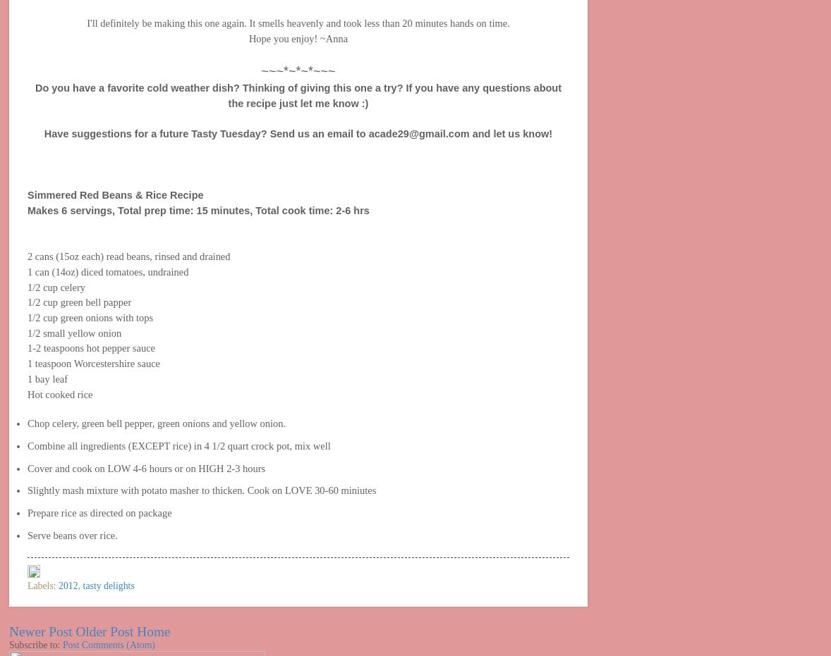 The image size is (831, 656). What do you see at coordinates (298, 133) in the screenshot?
I see `'Have suggestions for a future Tasty Tuesday? Send us an email to acade29@gmail.com and let us know!'` at bounding box center [298, 133].